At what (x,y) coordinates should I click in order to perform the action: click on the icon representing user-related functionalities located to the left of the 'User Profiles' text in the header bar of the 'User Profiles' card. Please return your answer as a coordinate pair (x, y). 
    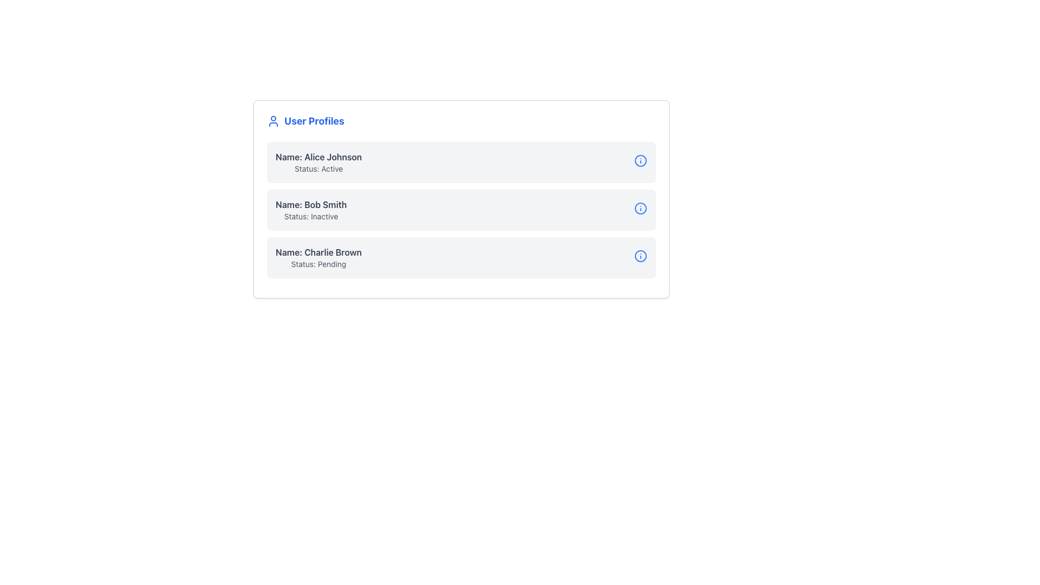
    Looking at the image, I should click on (273, 121).